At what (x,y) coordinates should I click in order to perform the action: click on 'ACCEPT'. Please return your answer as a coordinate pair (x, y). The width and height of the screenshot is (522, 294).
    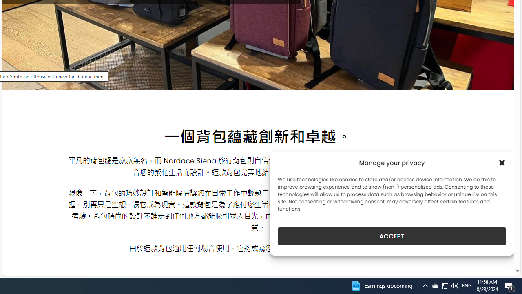
    Looking at the image, I should click on (392, 236).